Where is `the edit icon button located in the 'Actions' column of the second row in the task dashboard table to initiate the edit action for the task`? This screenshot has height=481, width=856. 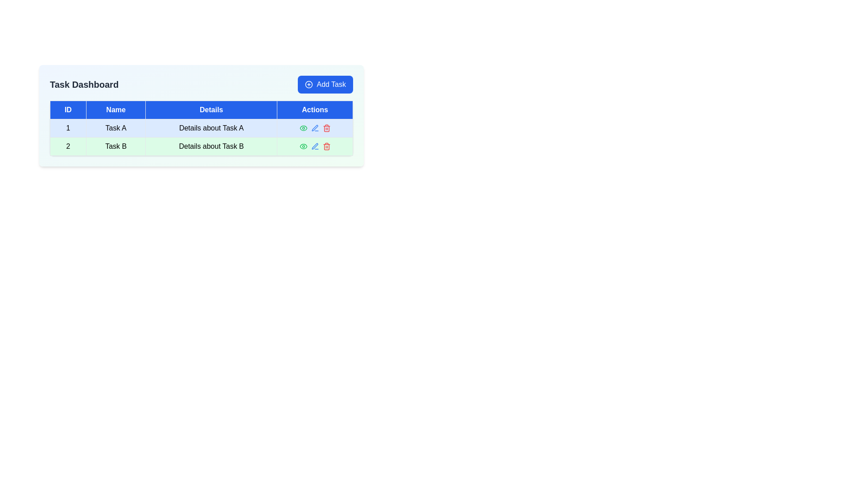
the edit icon button located in the 'Actions' column of the second row in the task dashboard table to initiate the edit action for the task is located at coordinates (315, 146).